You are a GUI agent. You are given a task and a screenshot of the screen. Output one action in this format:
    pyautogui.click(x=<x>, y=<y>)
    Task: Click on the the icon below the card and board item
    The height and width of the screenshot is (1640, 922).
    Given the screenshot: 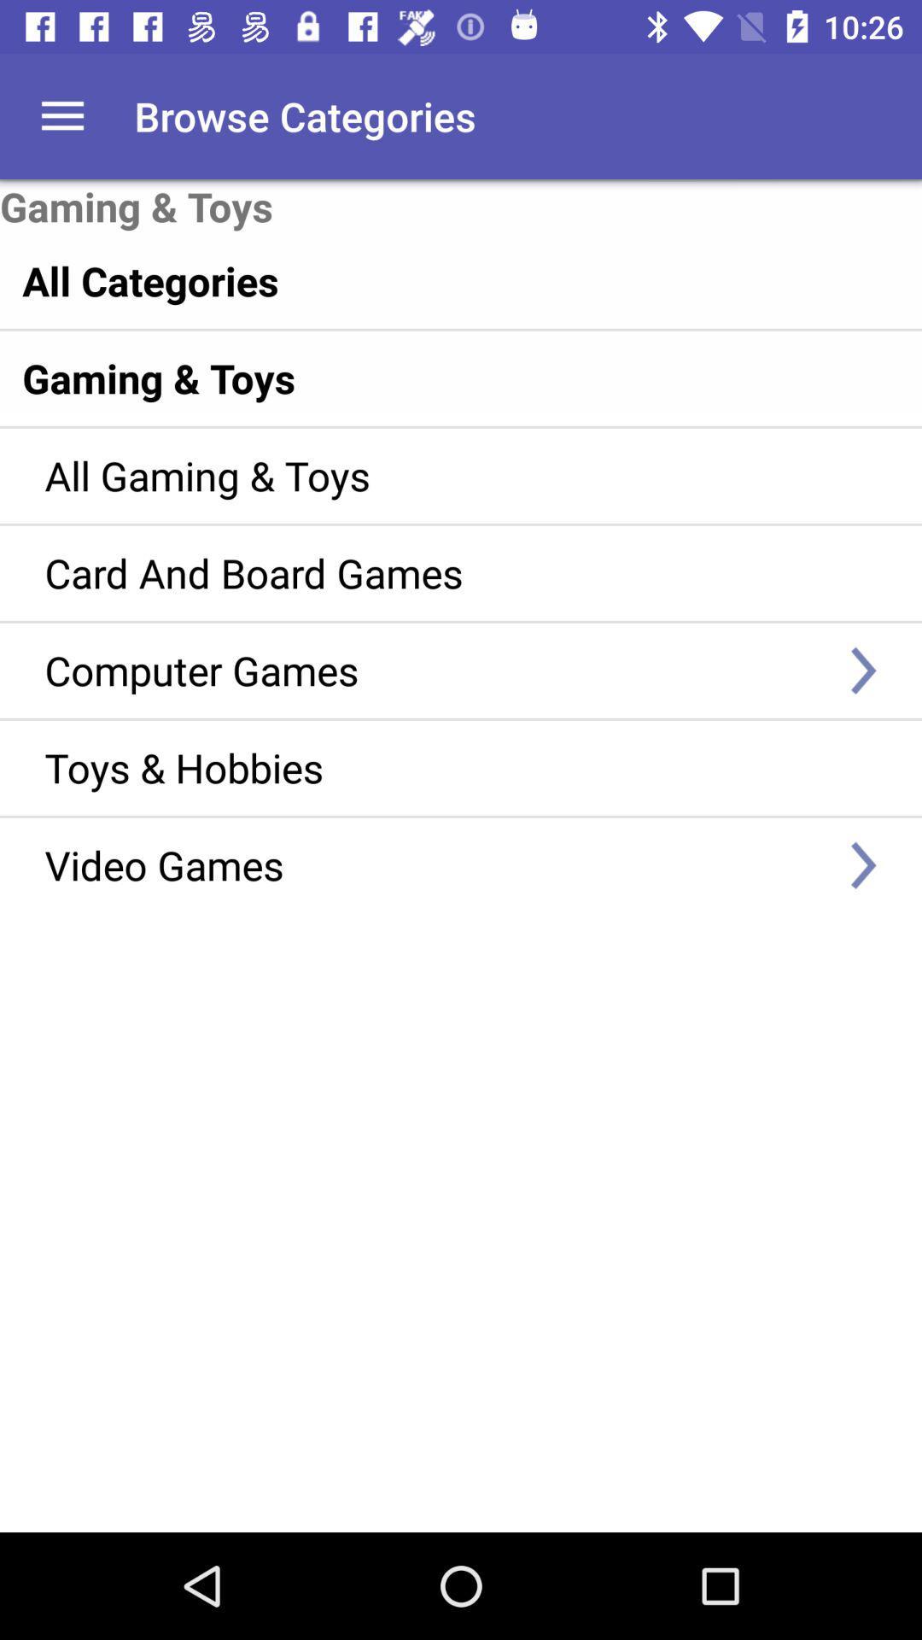 What is the action you would take?
    pyautogui.click(x=435, y=669)
    